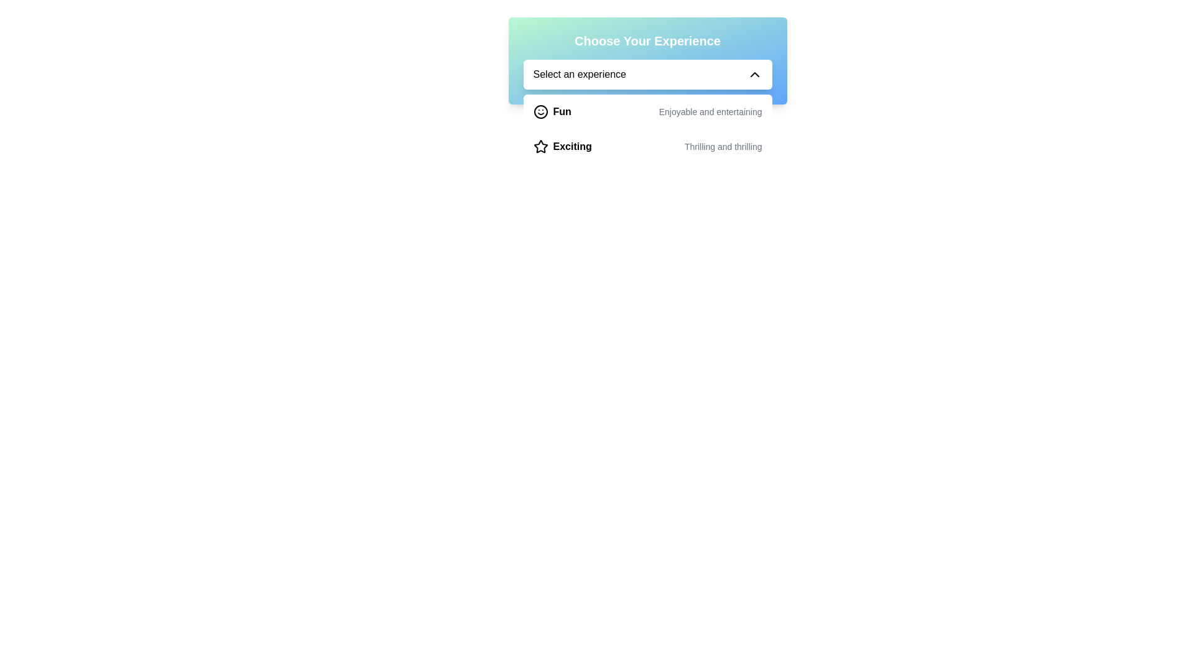 The image size is (1194, 672). I want to click on the dropdown labeled 'Select an experience' located below the heading 'Choose Your Experience', so click(647, 60).